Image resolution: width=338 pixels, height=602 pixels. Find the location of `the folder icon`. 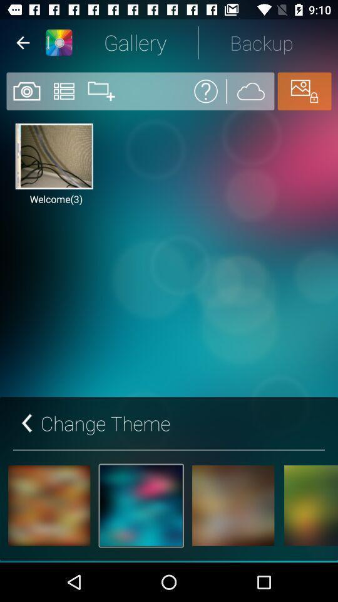

the folder icon is located at coordinates (101, 90).